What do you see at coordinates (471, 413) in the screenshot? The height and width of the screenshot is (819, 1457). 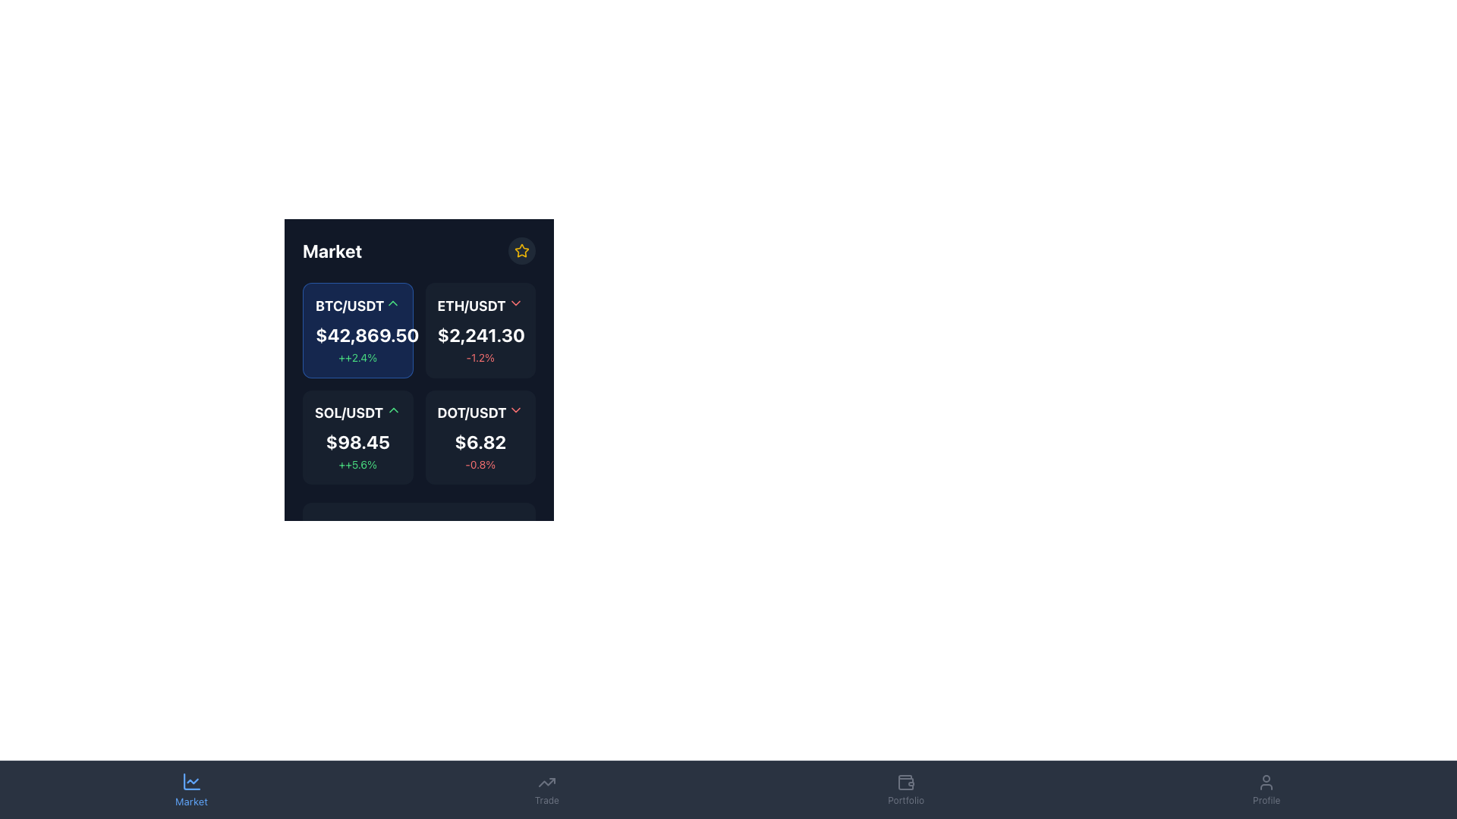 I see `trading pair name displayed as 'DOT/USDT' in bold white text against a dark background, located in the bottom-right section of the market data panel` at bounding box center [471, 413].